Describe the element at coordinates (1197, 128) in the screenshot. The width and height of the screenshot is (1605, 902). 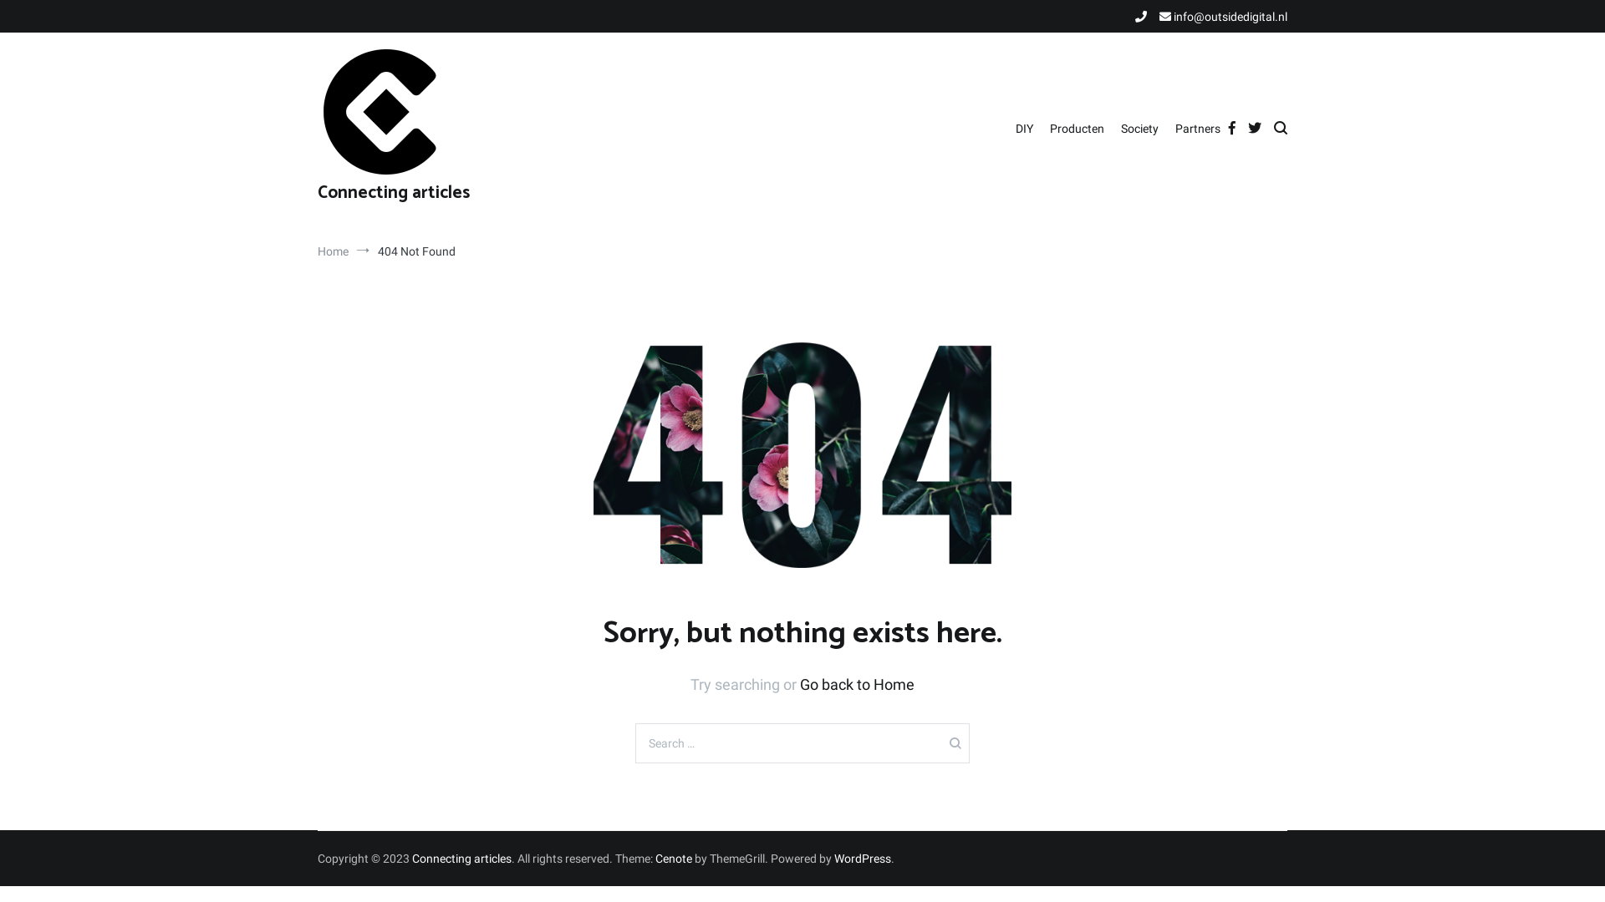
I see `'Partners'` at that location.